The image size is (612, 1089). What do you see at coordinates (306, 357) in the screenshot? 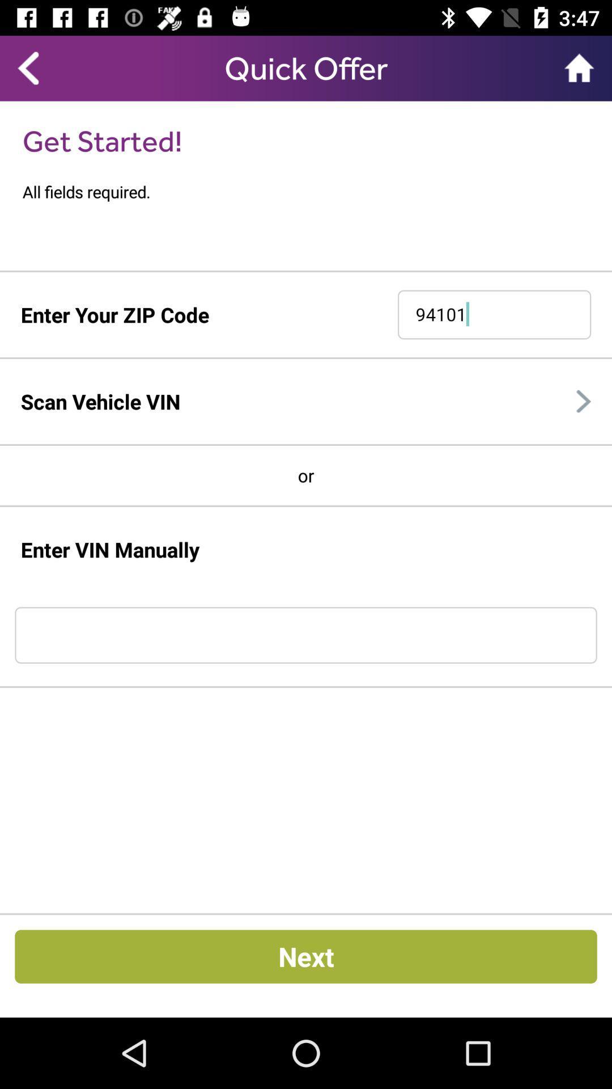
I see `the icon above the scan vehicle vin` at bounding box center [306, 357].